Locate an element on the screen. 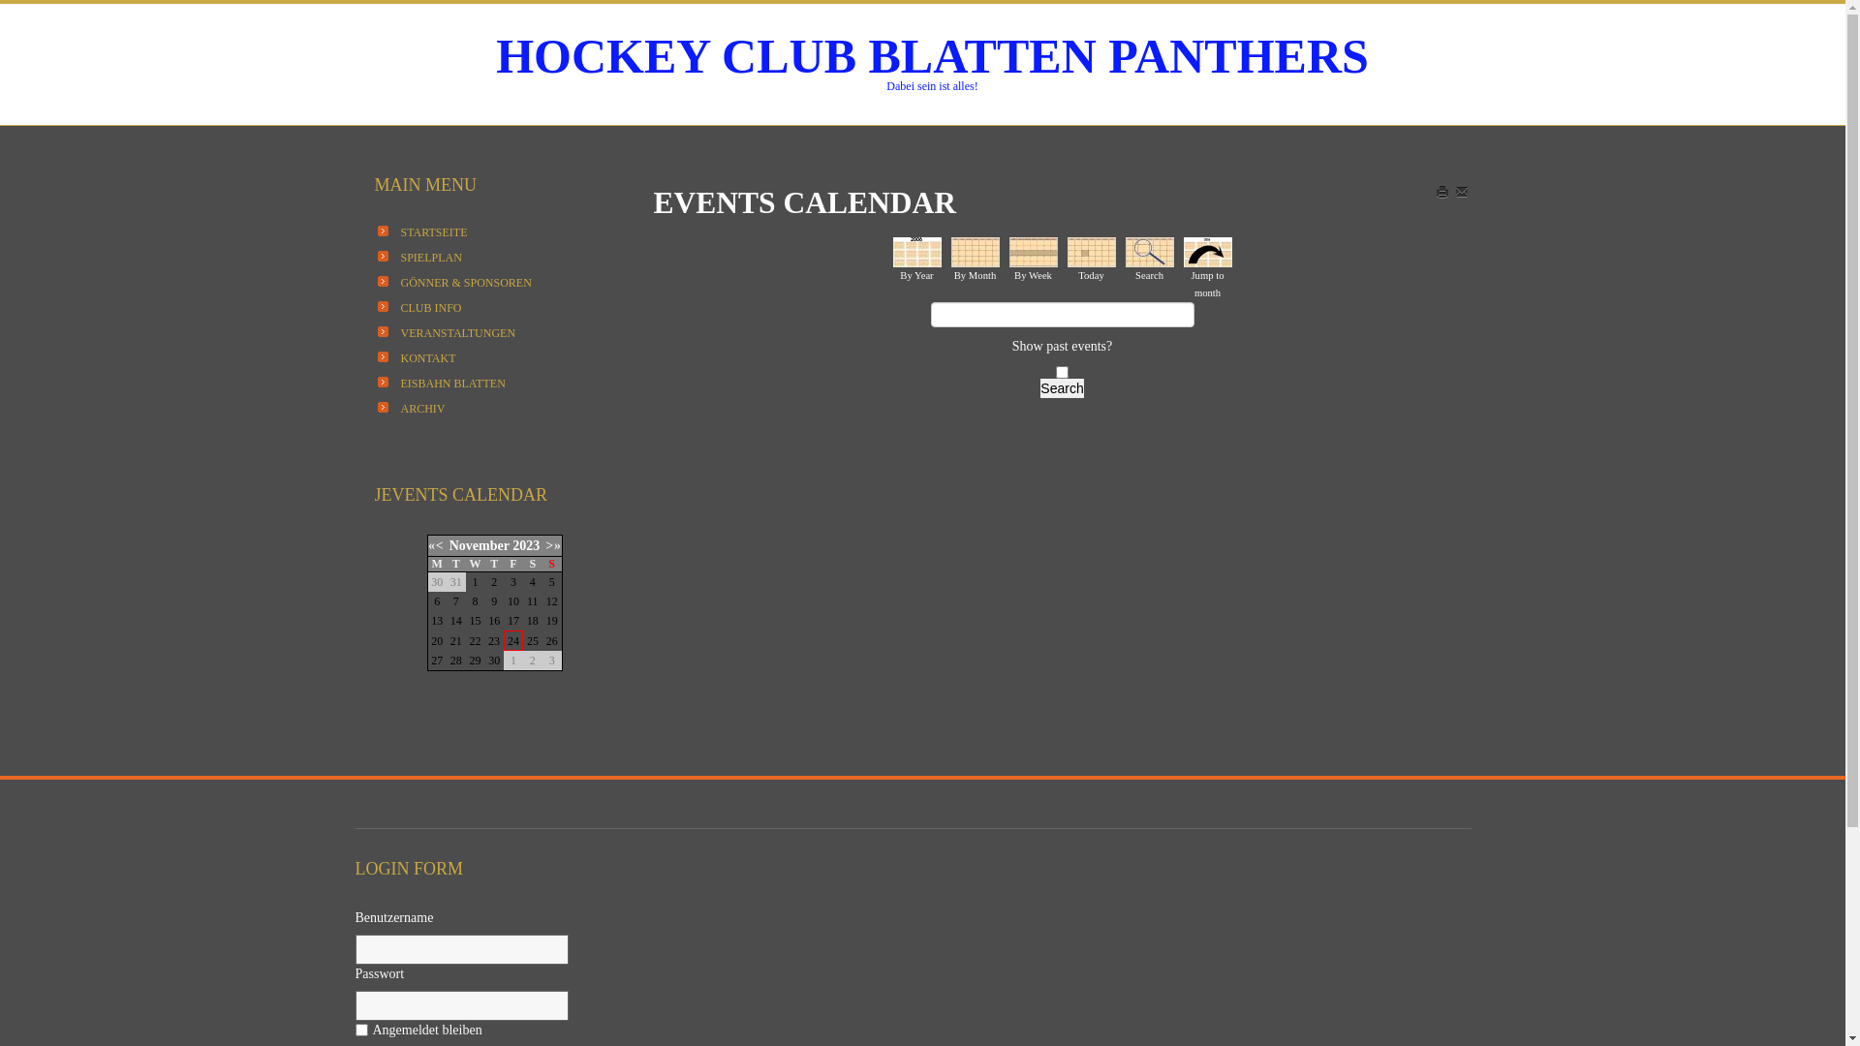  '8' is located at coordinates (474, 600).